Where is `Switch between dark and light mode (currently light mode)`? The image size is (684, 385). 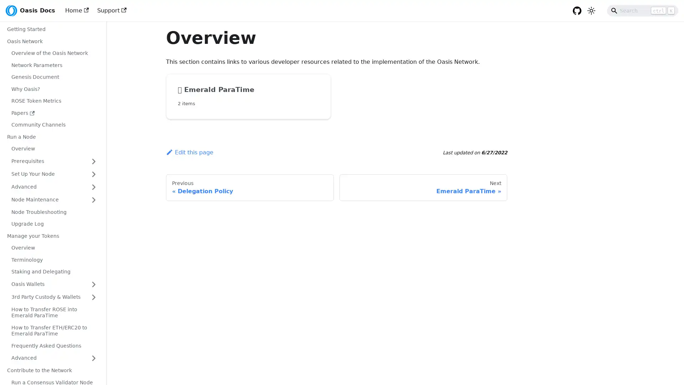
Switch between dark and light mode (currently light mode) is located at coordinates (591, 11).